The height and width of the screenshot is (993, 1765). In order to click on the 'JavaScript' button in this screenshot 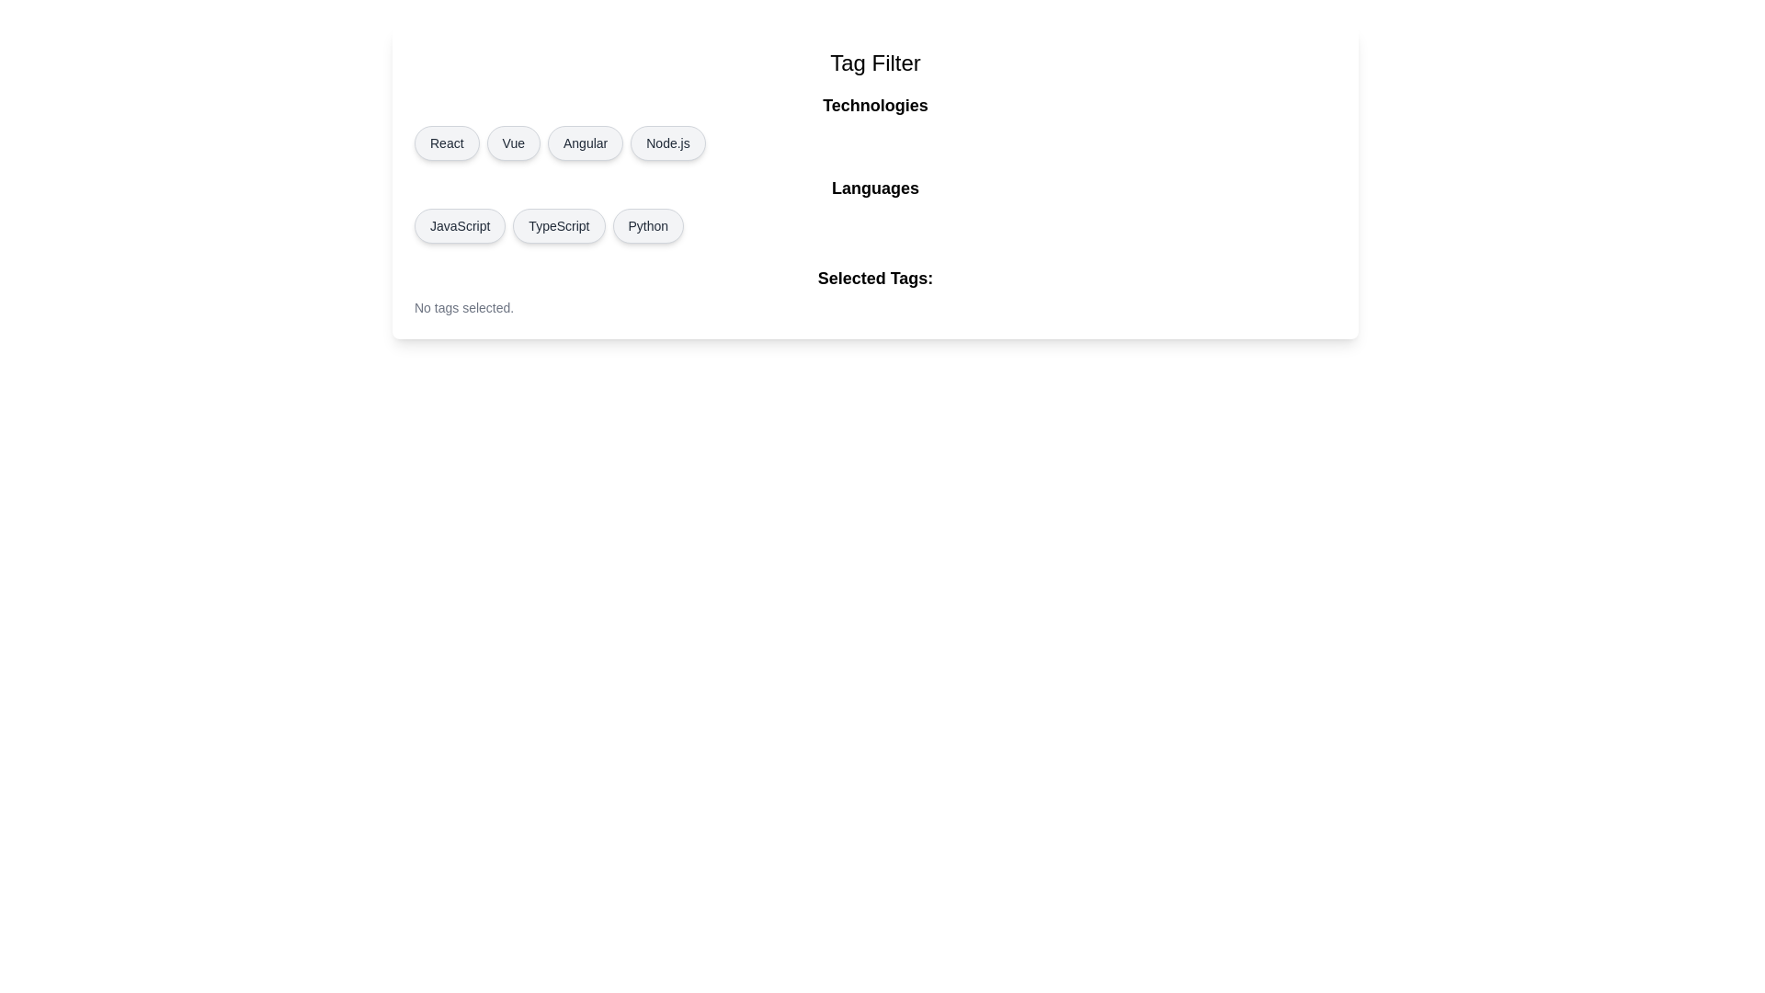, I will do `click(460, 225)`.